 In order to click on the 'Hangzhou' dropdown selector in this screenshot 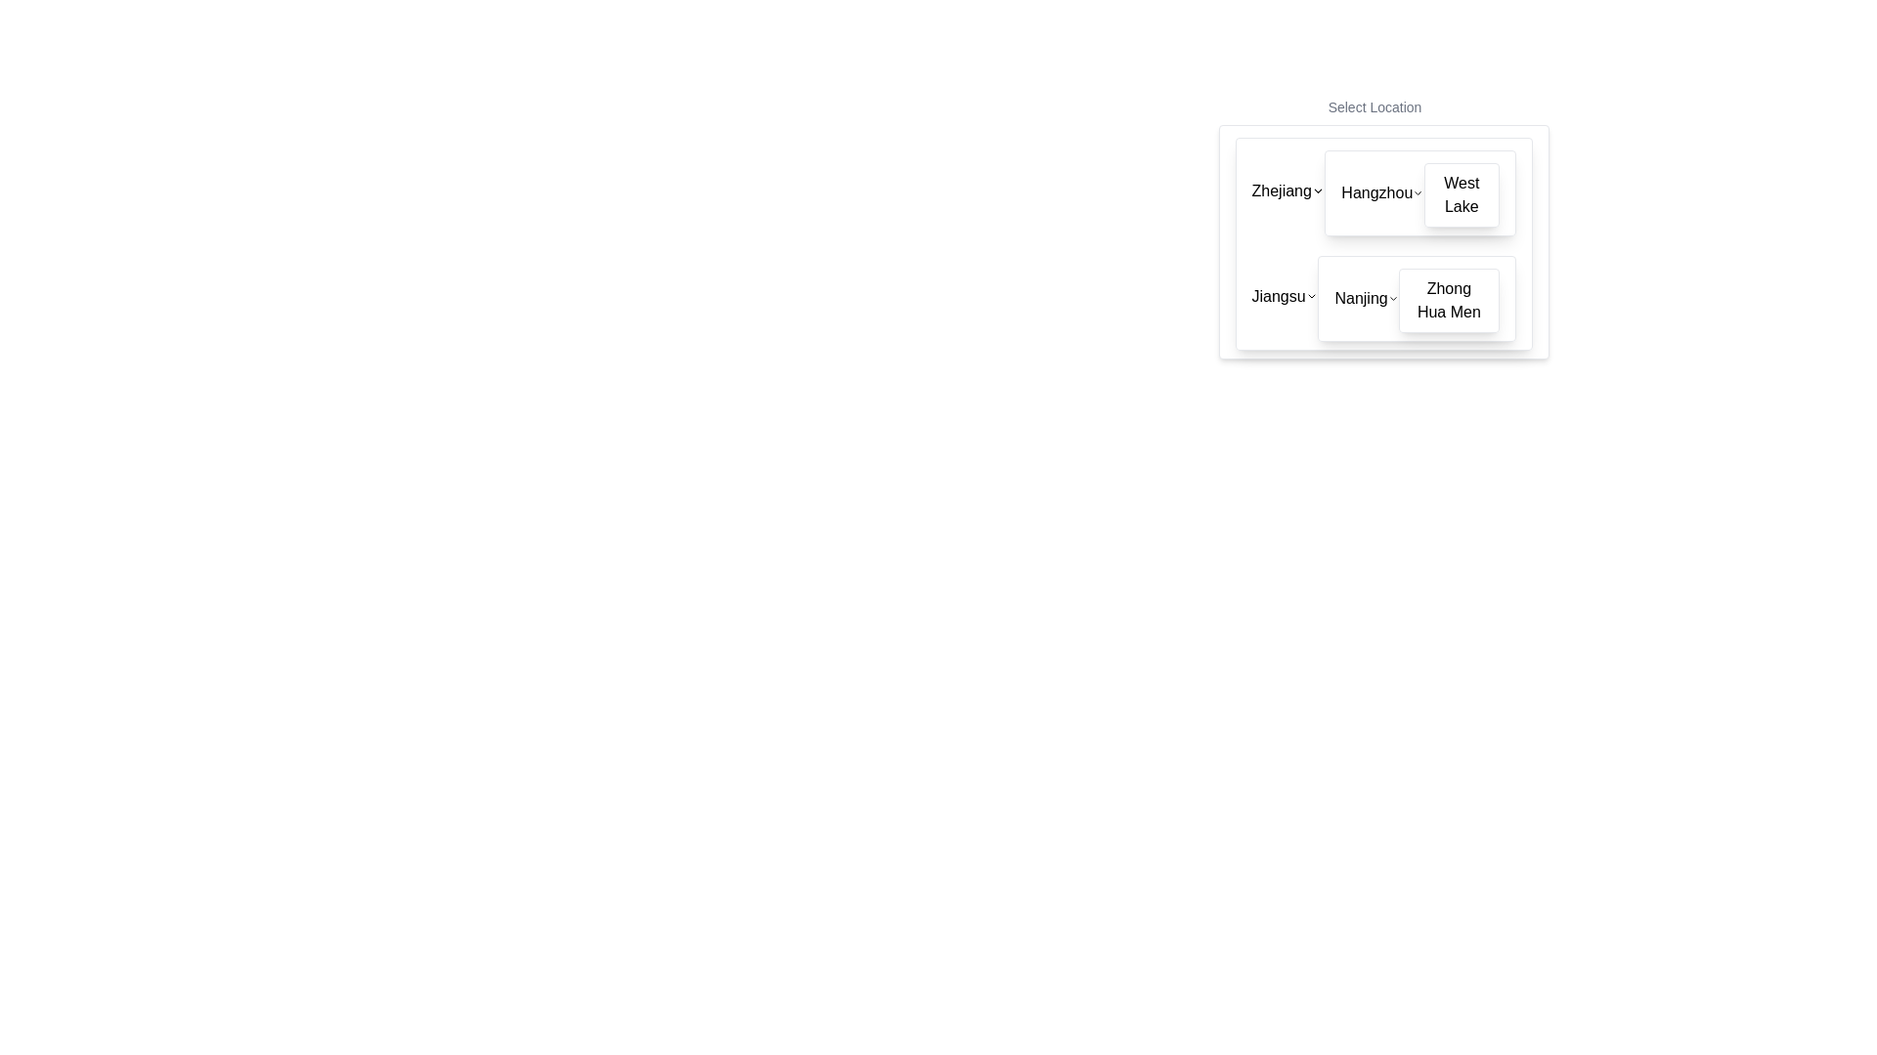, I will do `click(1420, 192)`.